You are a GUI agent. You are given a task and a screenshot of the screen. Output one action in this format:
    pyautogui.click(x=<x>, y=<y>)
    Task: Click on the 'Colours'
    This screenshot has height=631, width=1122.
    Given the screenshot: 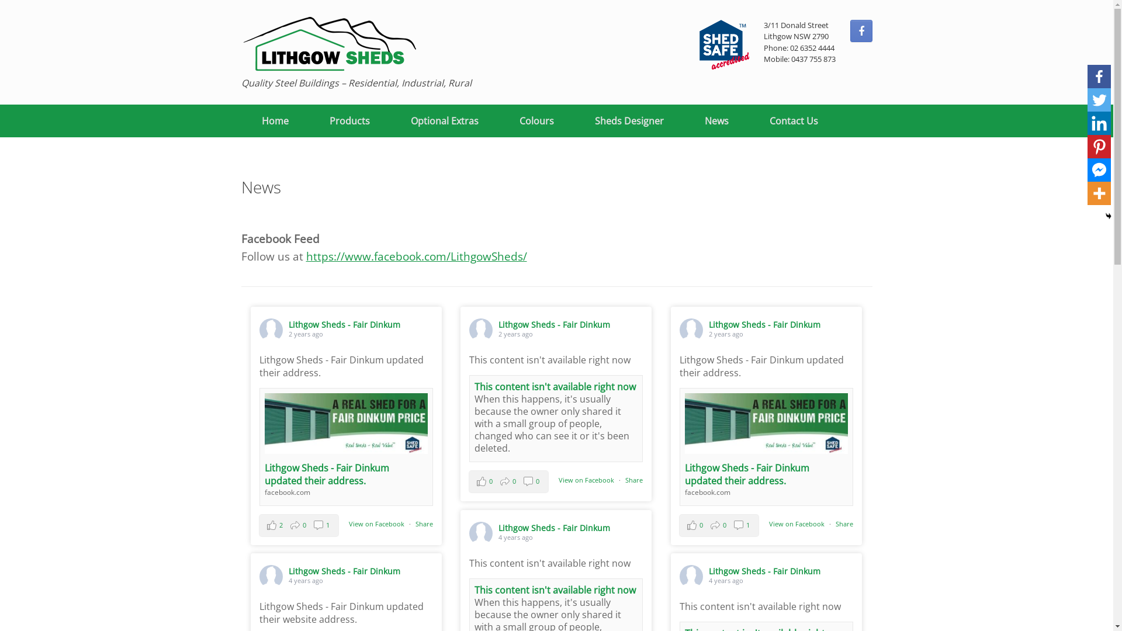 What is the action you would take?
    pyautogui.click(x=536, y=121)
    